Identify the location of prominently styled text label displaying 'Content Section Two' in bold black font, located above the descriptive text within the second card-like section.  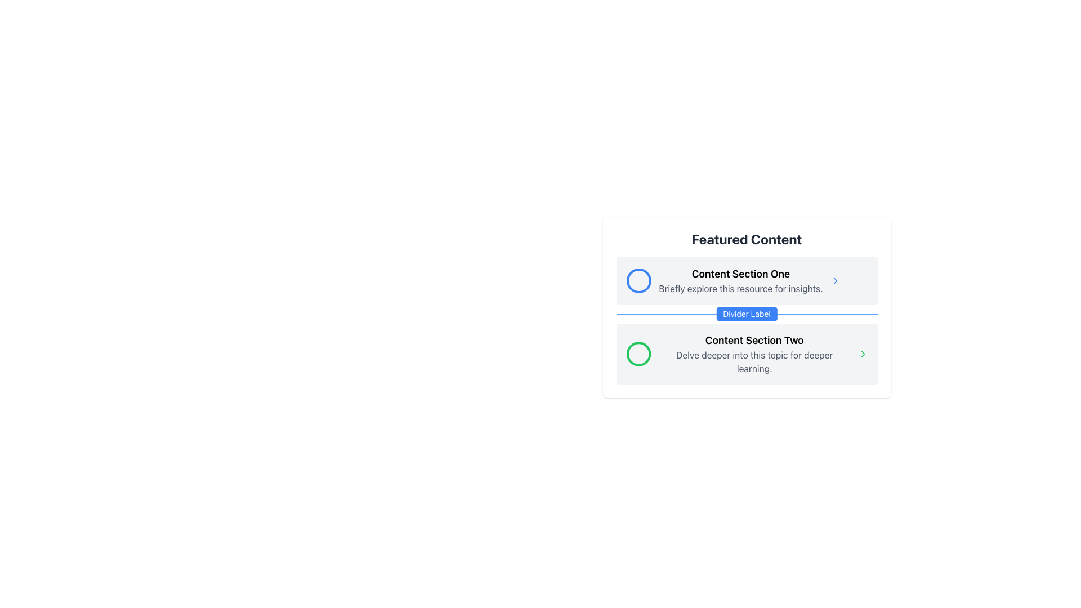
(754, 340).